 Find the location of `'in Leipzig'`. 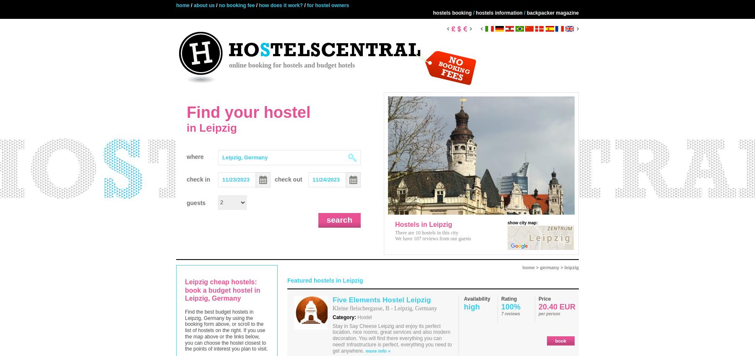

'in Leipzig' is located at coordinates (186, 127).